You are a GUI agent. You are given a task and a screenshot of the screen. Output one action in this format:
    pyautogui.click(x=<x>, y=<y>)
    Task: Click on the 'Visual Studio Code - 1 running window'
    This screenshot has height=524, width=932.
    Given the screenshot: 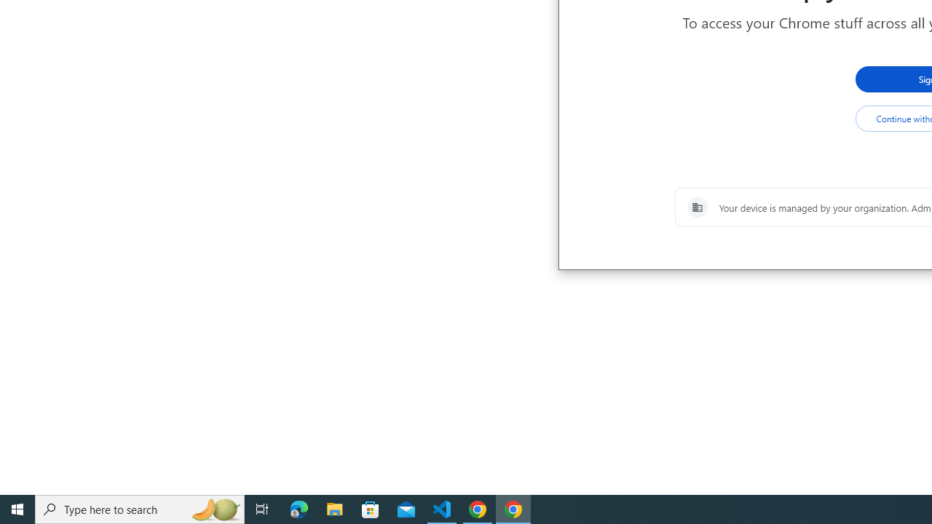 What is the action you would take?
    pyautogui.click(x=441, y=508)
    